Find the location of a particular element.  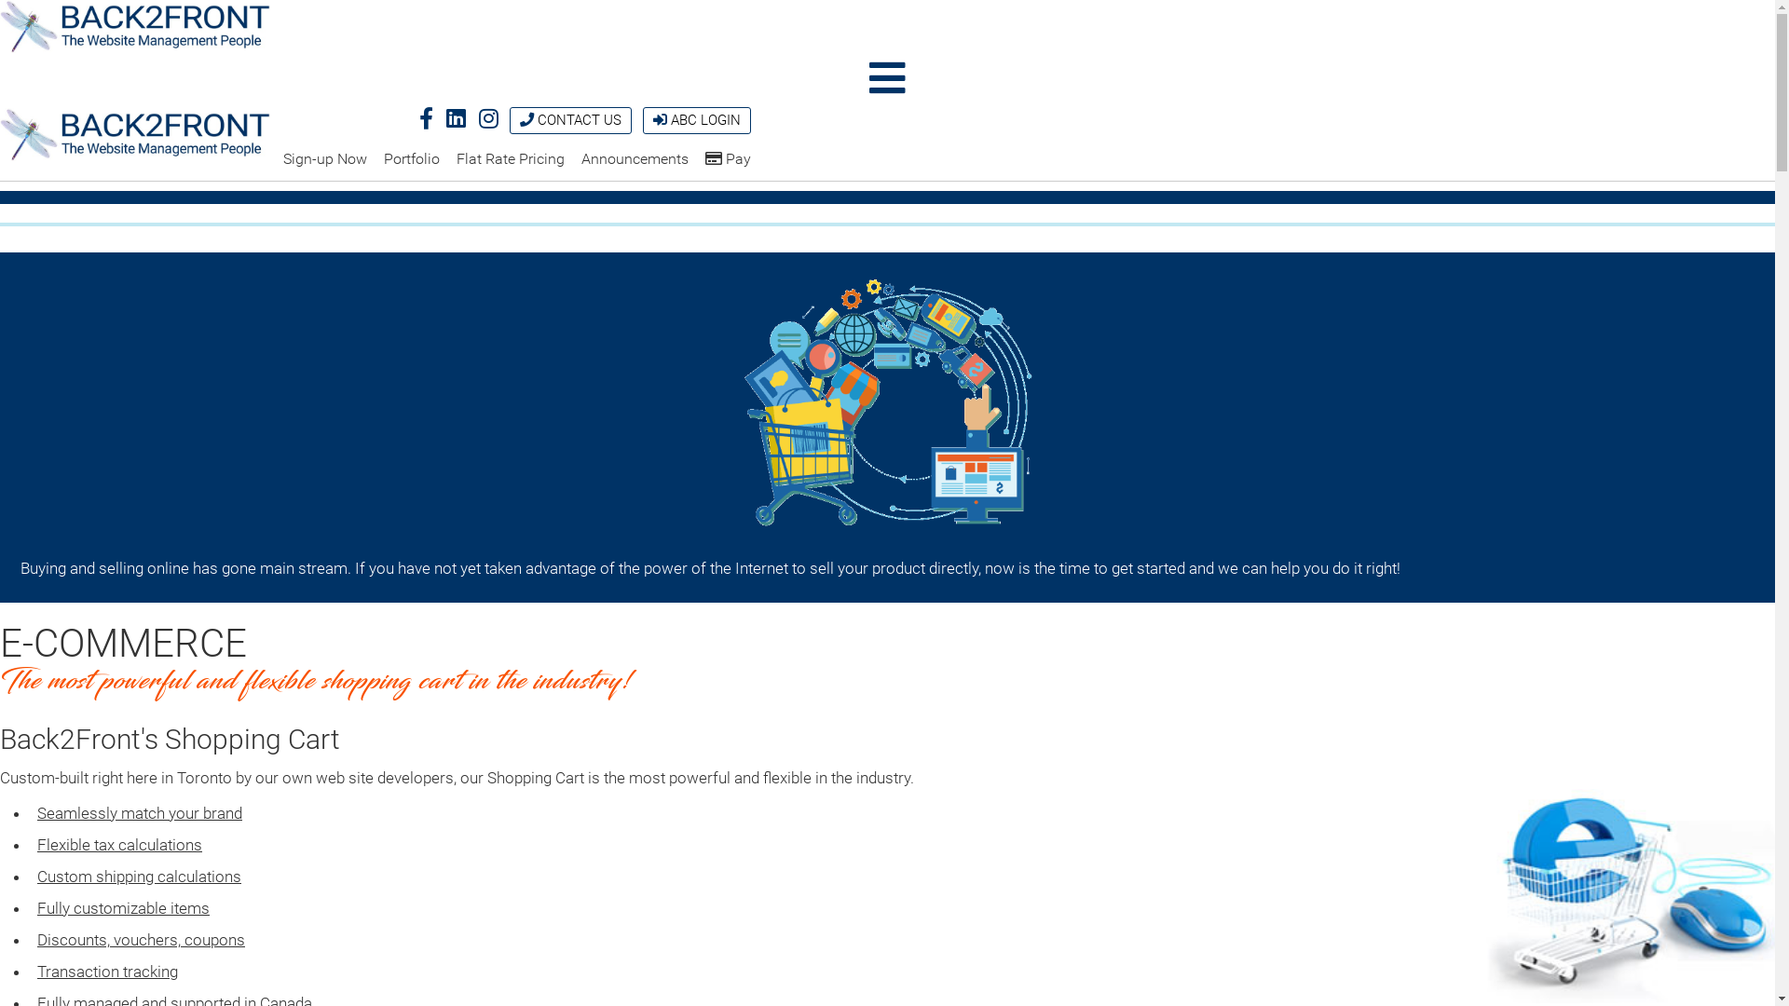

'ABC Login' is located at coordinates (660, 119).